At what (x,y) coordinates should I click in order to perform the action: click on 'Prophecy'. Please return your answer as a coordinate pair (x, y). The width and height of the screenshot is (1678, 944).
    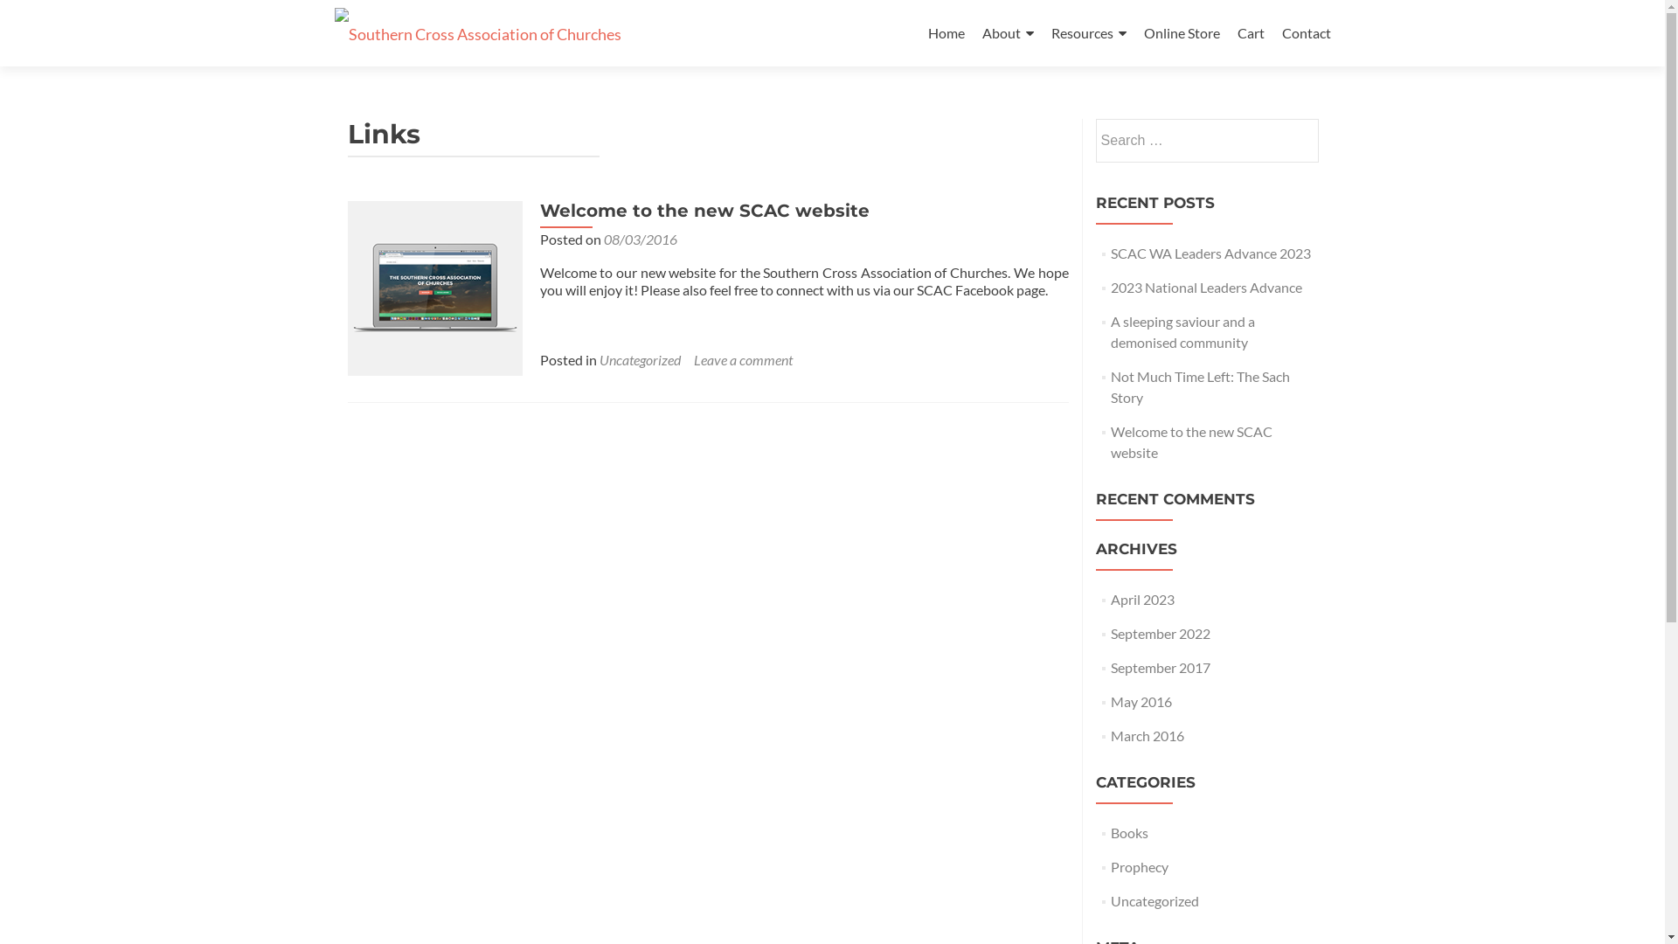
    Looking at the image, I should click on (1140, 866).